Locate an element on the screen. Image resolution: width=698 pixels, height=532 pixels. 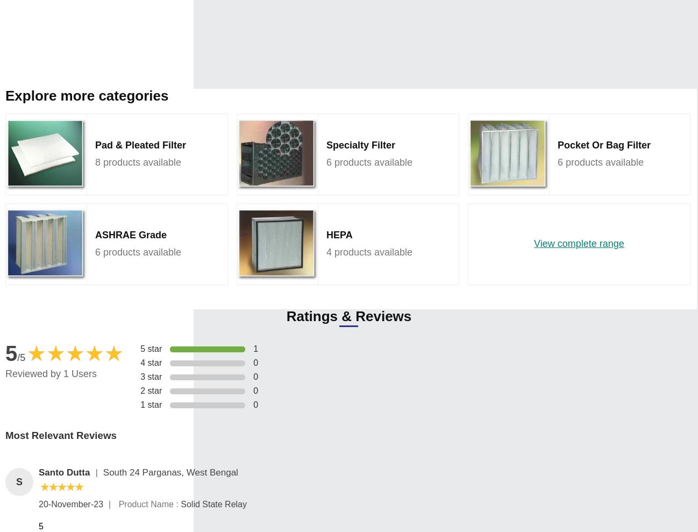
'Reviewed by 1 Users' is located at coordinates (51, 373).